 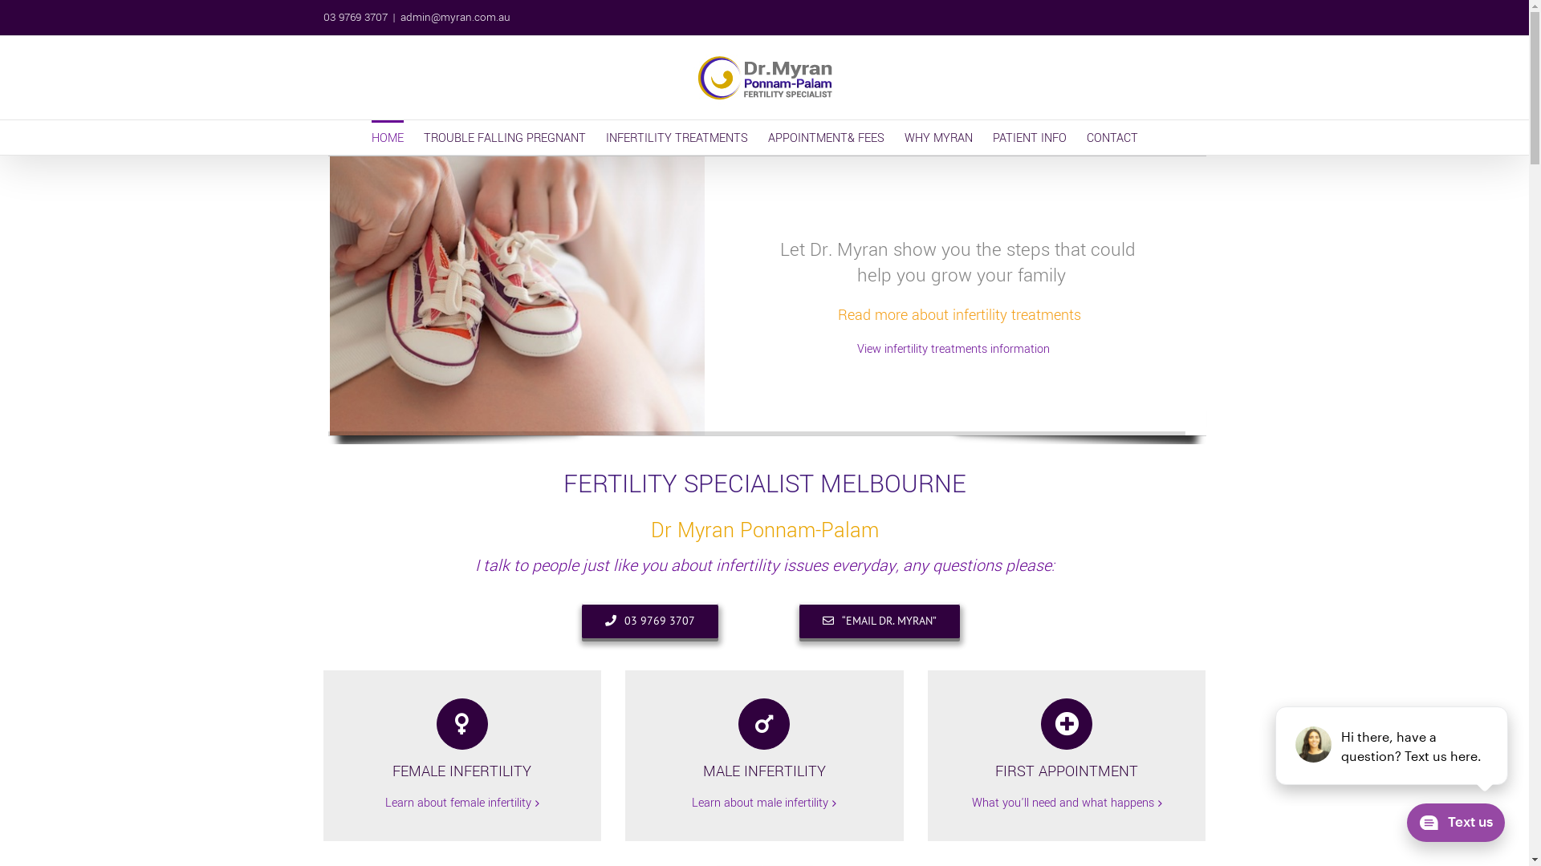 I want to click on 'Learn about female infertility', so click(x=385, y=803).